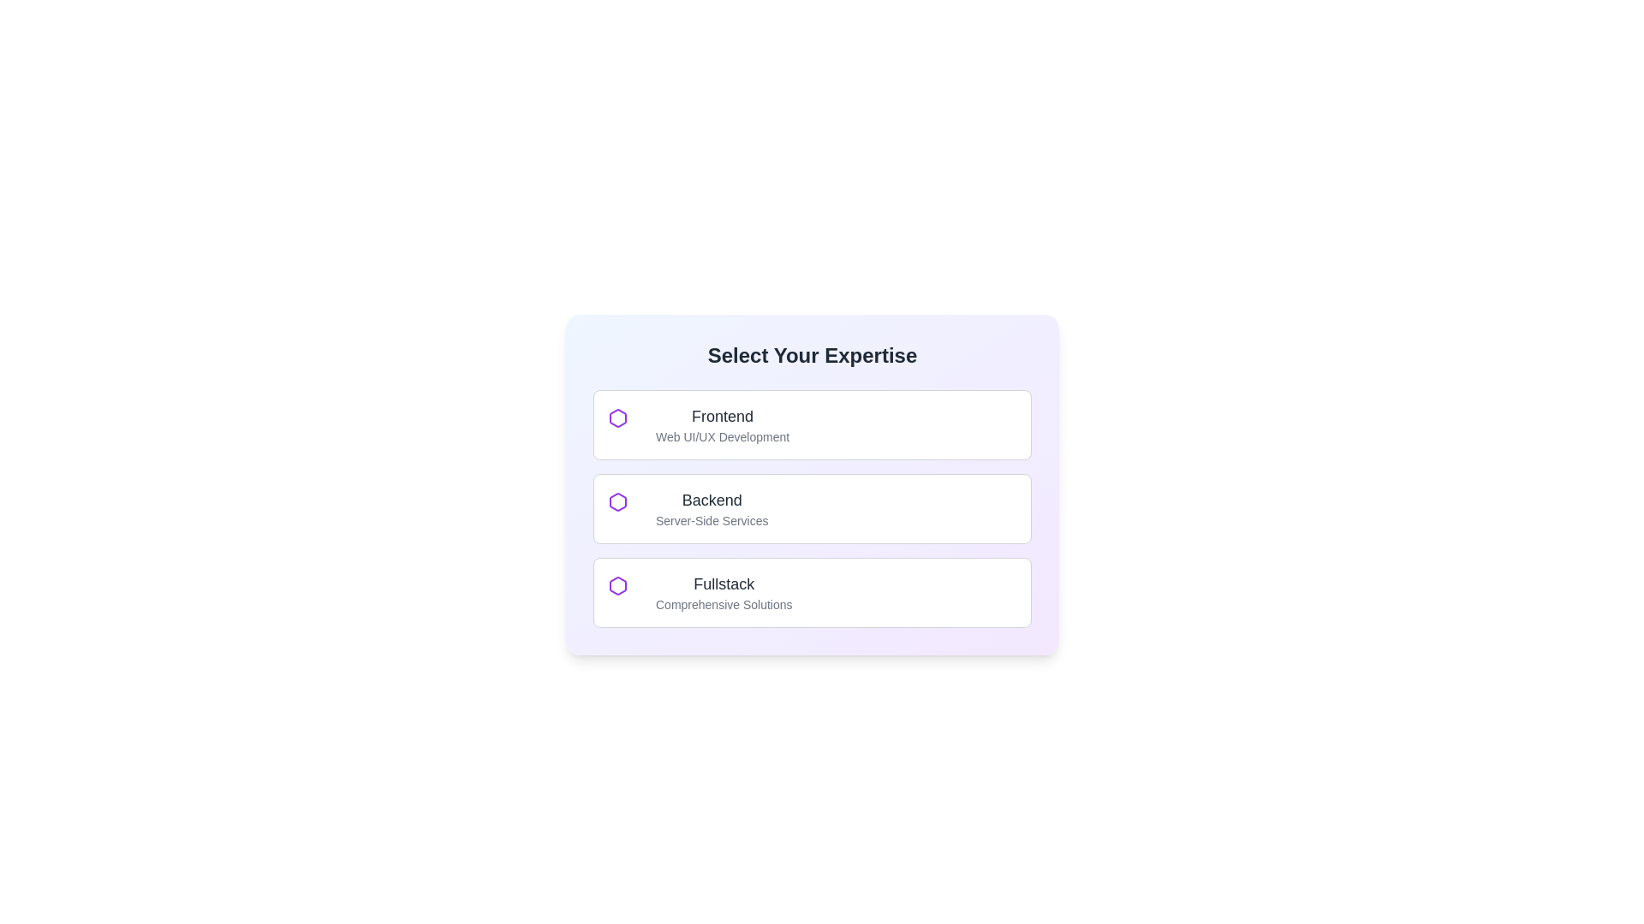 The image size is (1644, 924). I want to click on the second option card labeled 'Backend' in the 'Select Your Expertise' section, so click(812, 507).